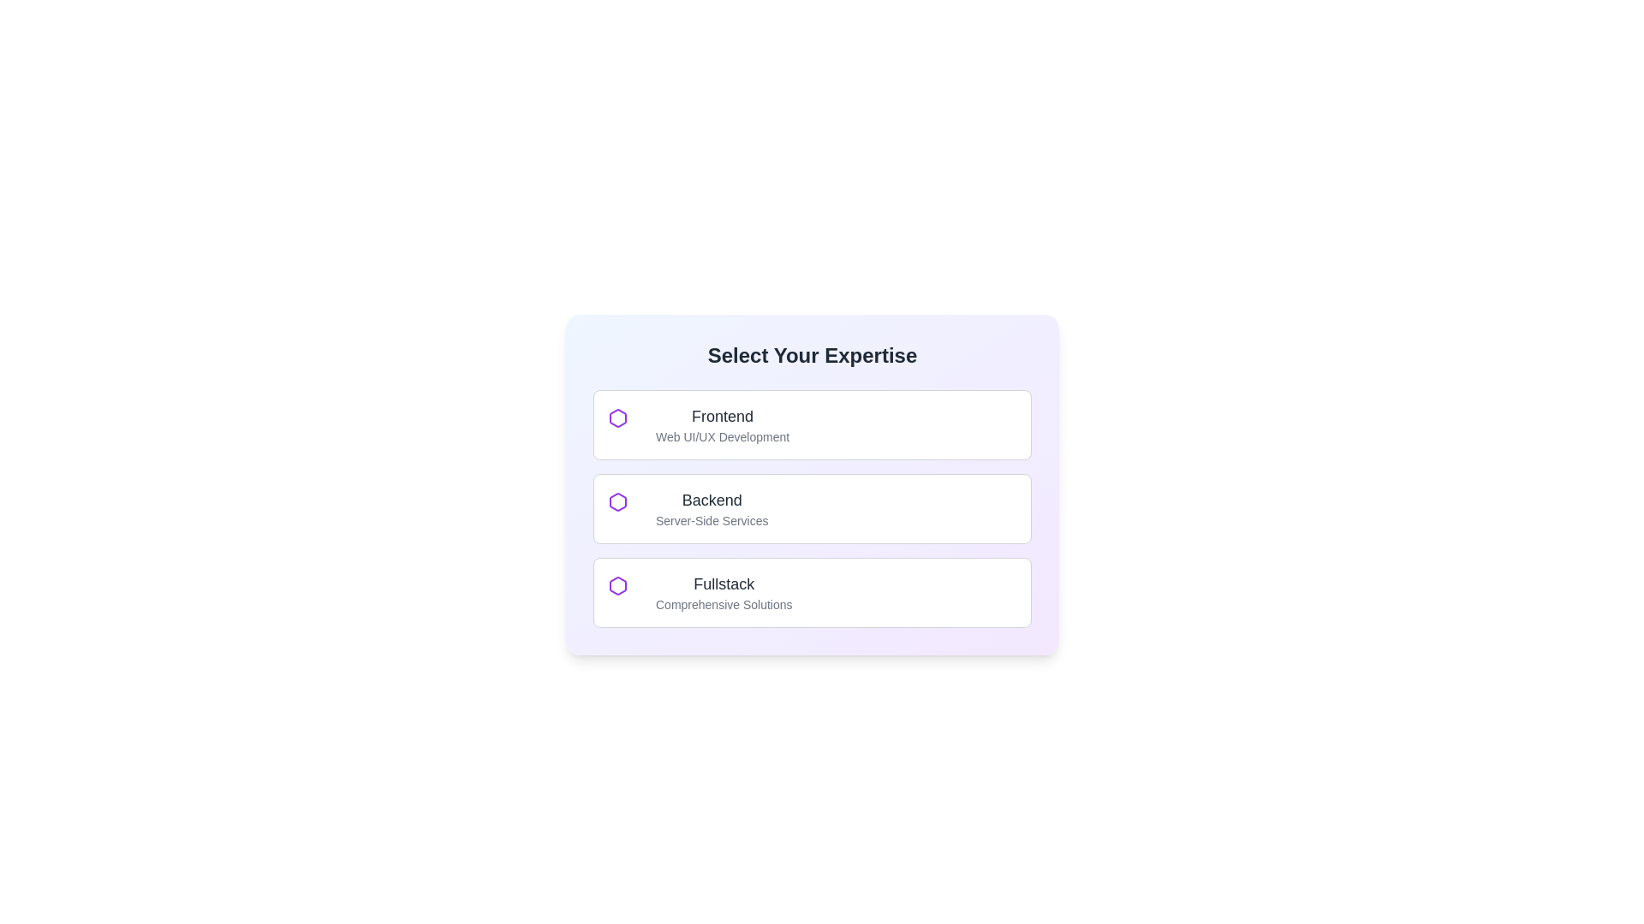 The image size is (1644, 924). I want to click on the second option card labeled 'Backend' in the 'Select Your Expertise' section, so click(812, 507).